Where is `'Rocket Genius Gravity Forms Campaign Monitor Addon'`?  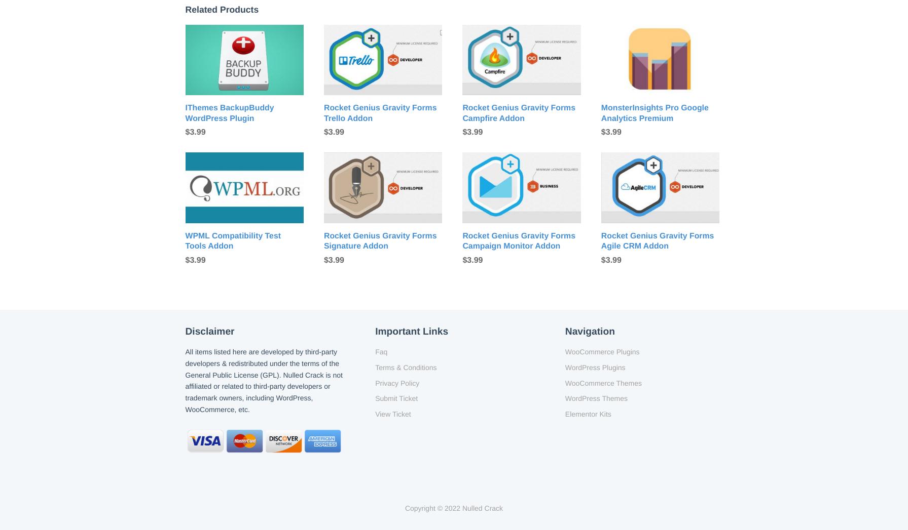
'Rocket Genius Gravity Forms Campaign Monitor Addon' is located at coordinates (518, 240).